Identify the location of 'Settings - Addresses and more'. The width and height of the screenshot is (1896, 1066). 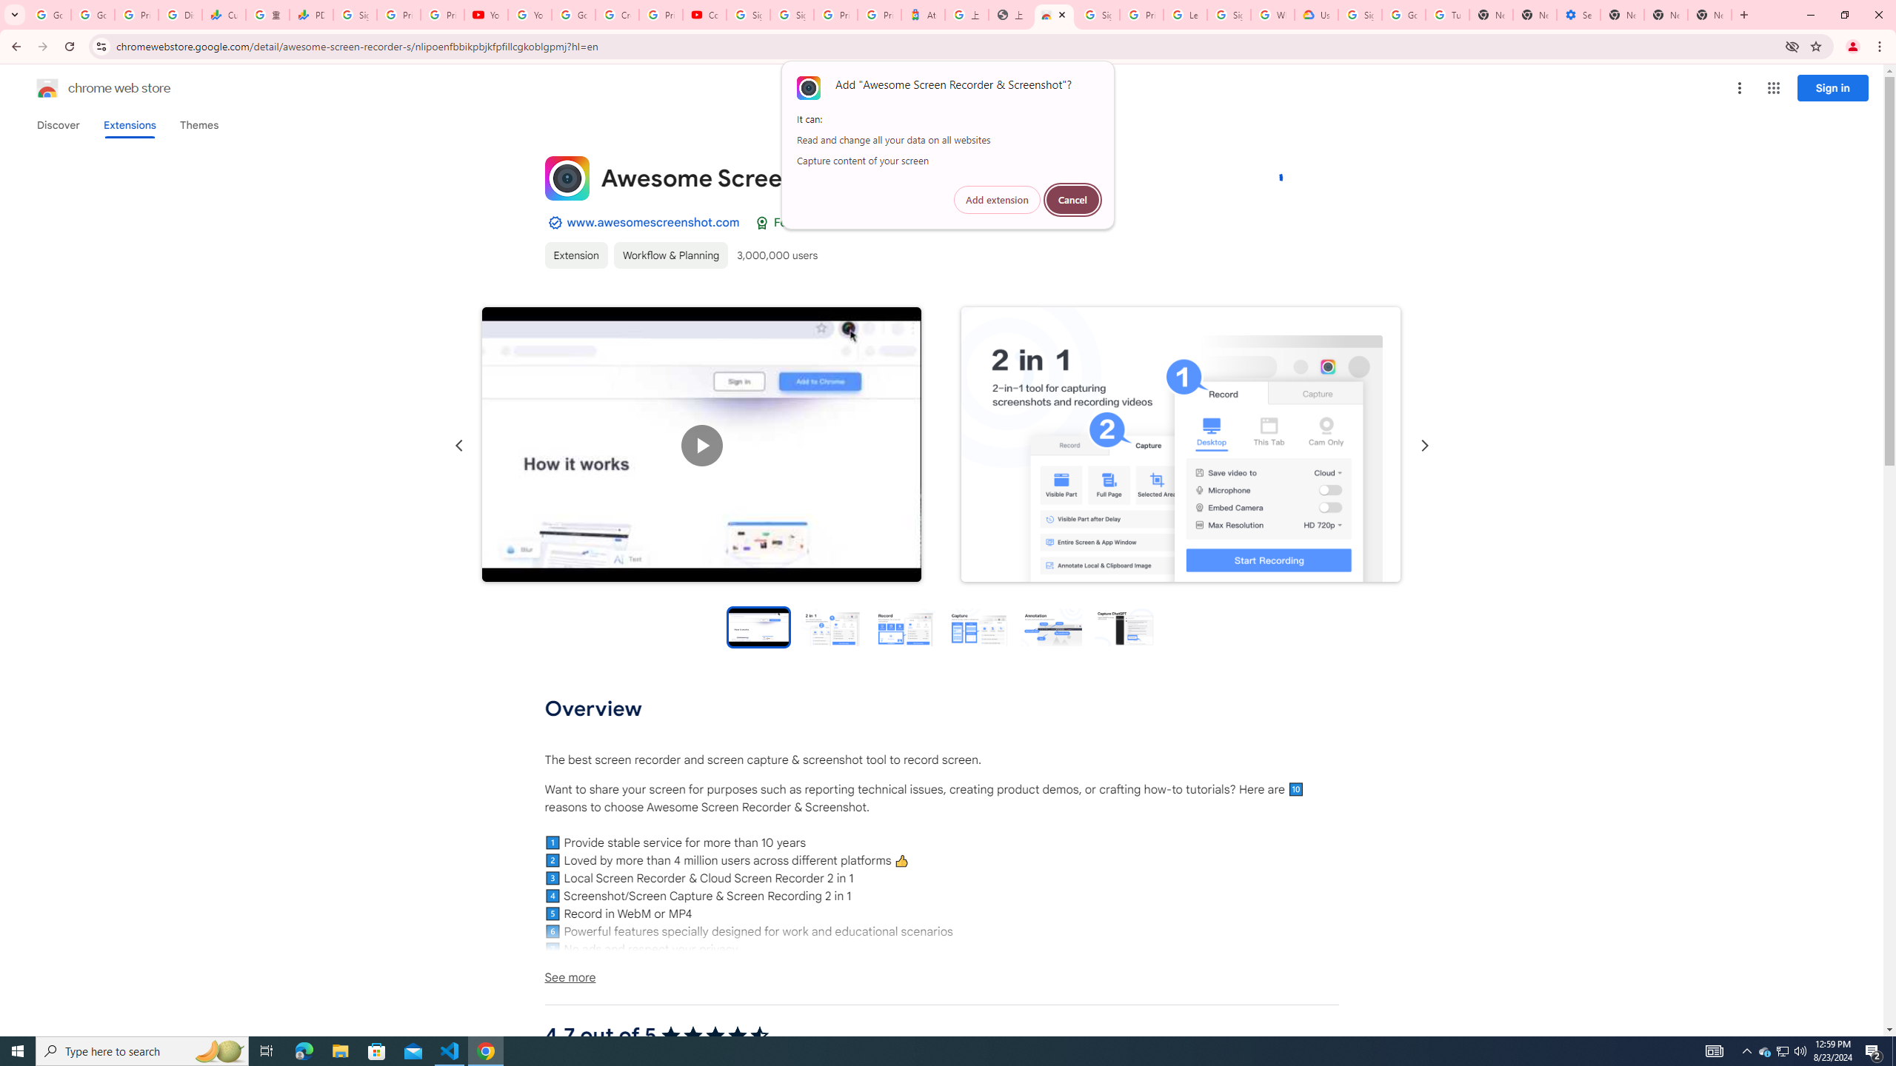
(1578, 14).